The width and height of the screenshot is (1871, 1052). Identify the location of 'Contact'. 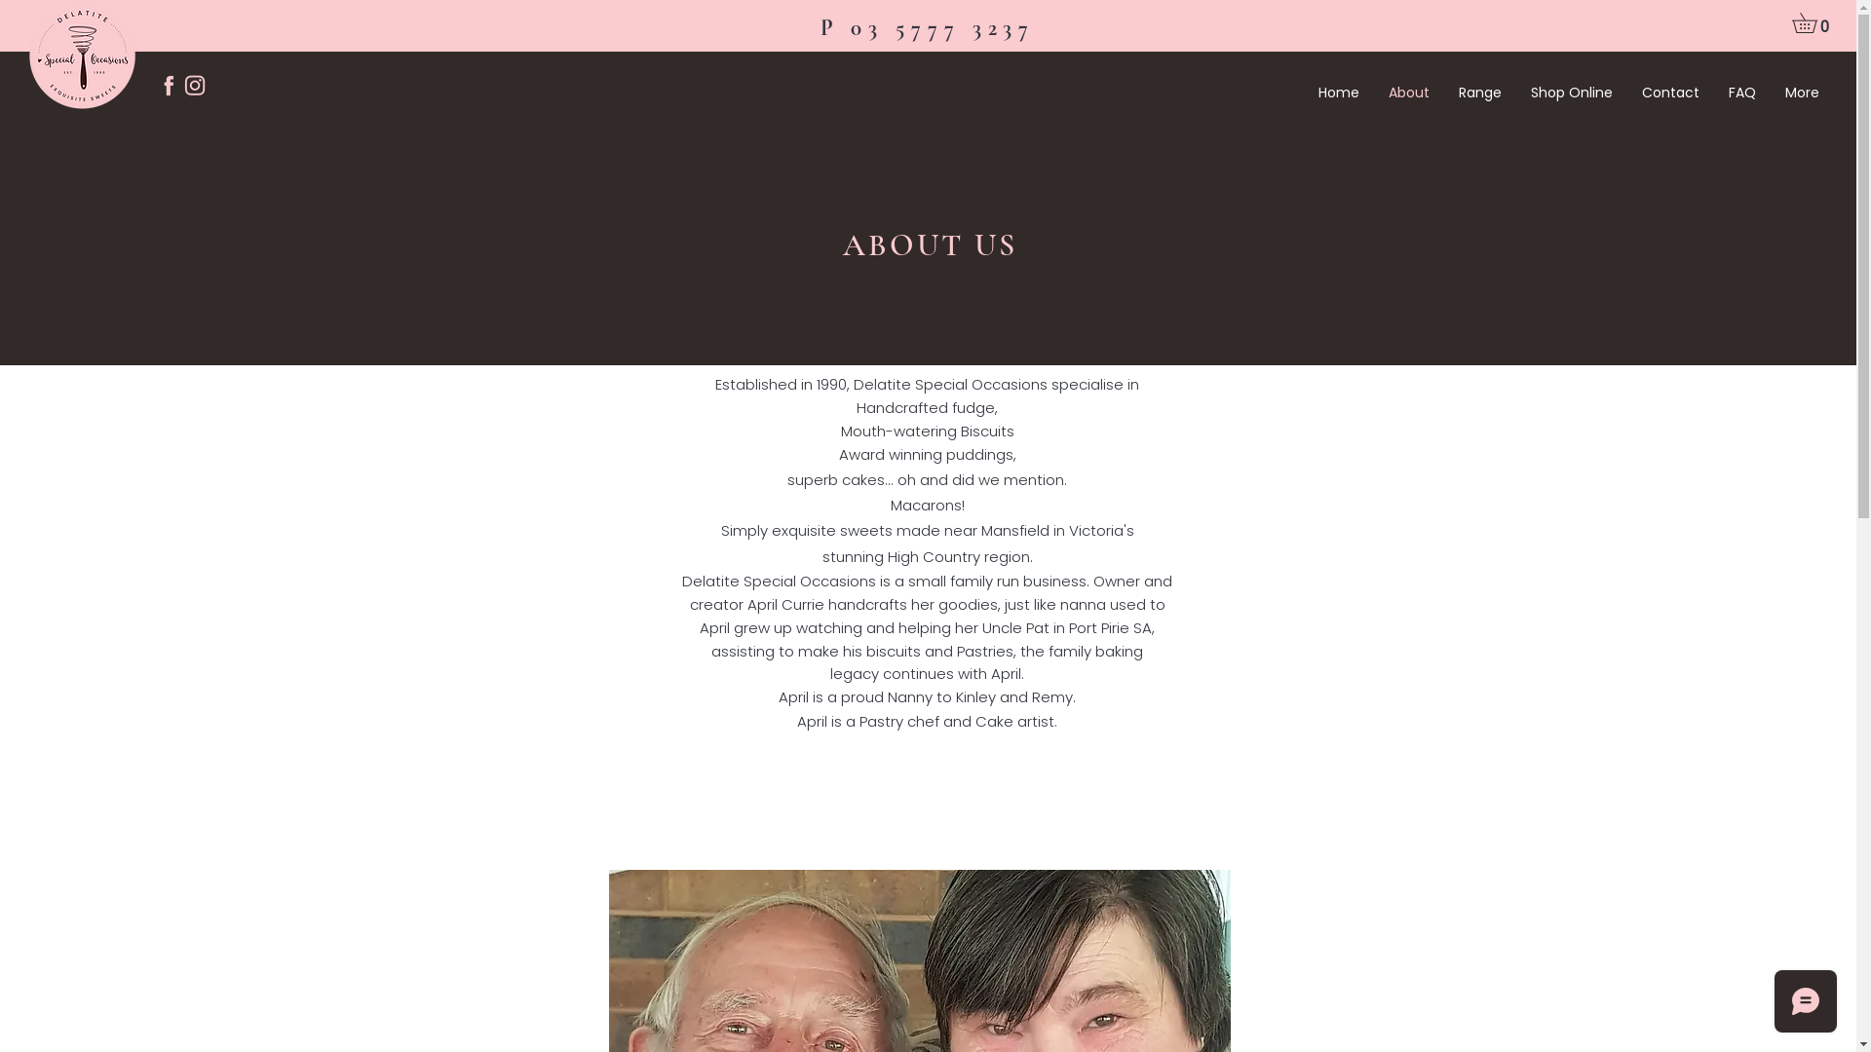
(1627, 93).